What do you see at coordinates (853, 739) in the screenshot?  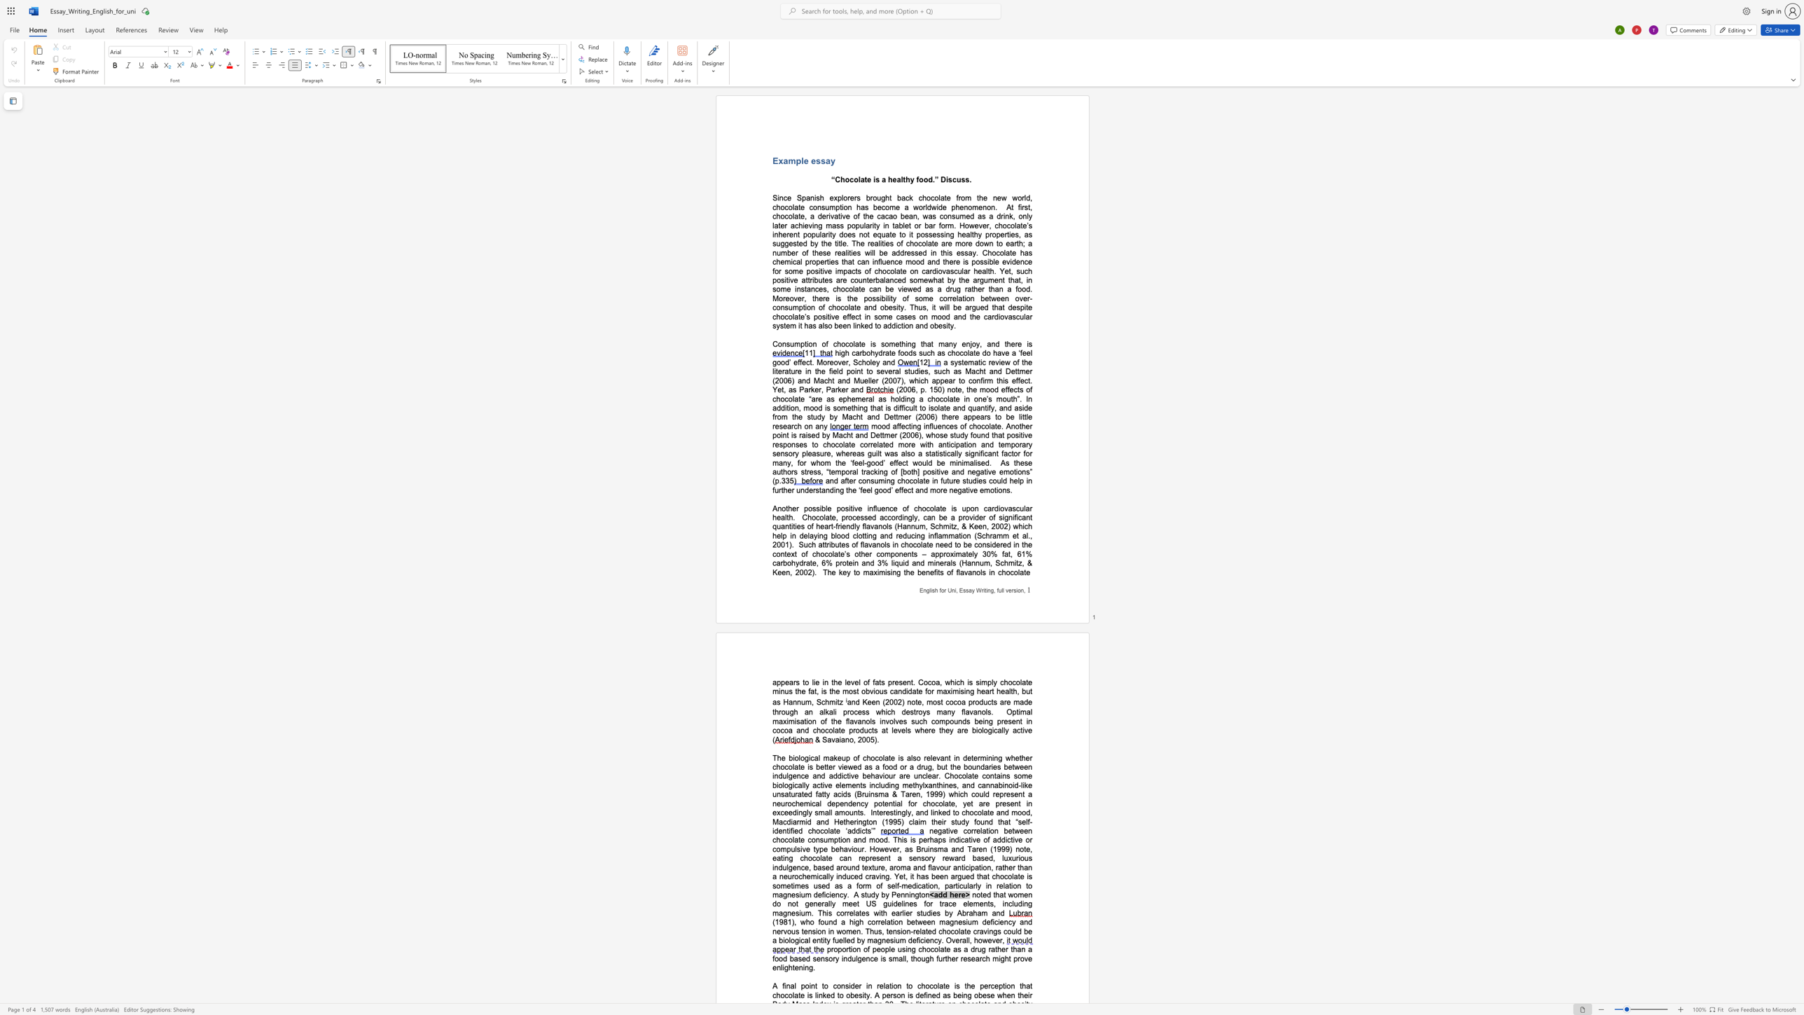 I see `the space between the continuous character "o" and "," in the text` at bounding box center [853, 739].